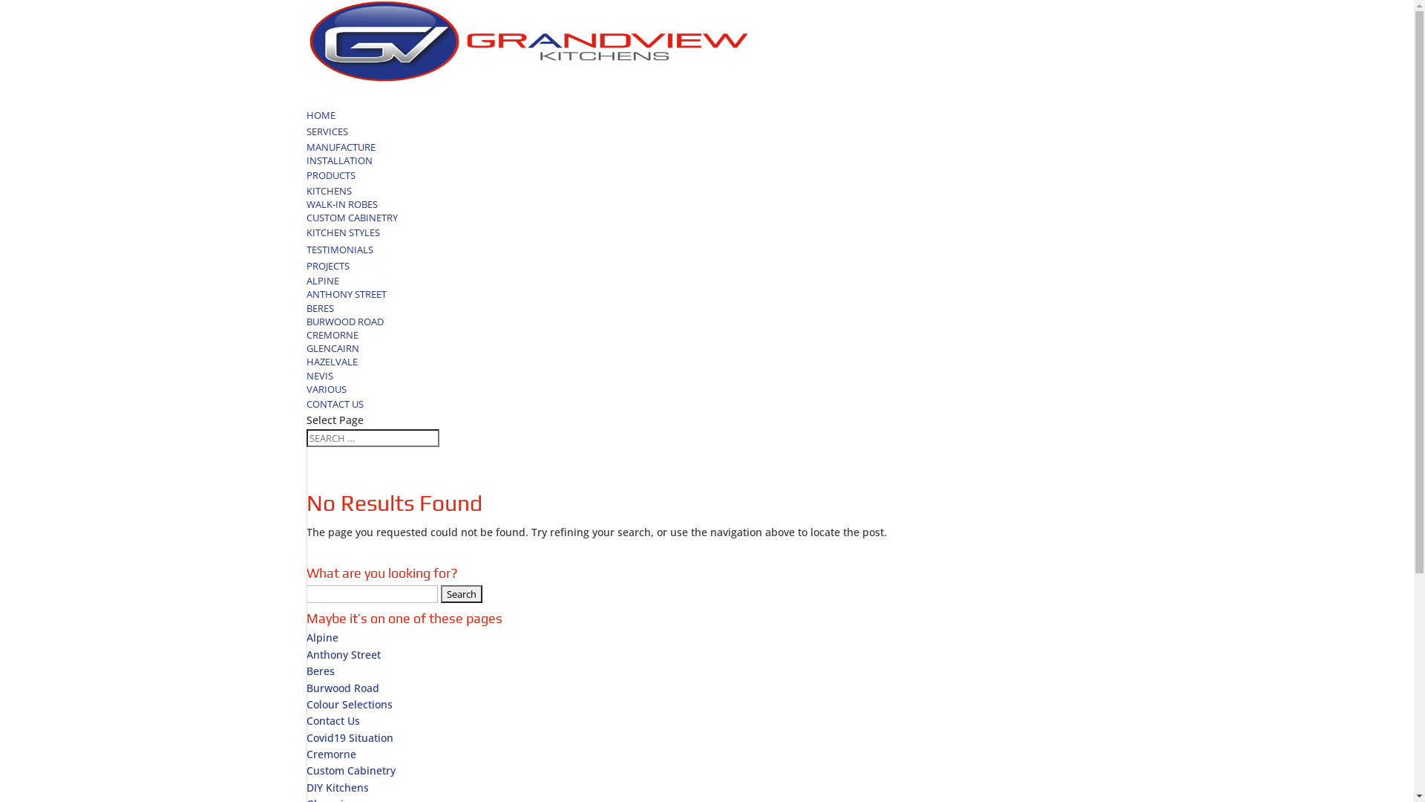  What do you see at coordinates (305, 307) in the screenshot?
I see `'BERES'` at bounding box center [305, 307].